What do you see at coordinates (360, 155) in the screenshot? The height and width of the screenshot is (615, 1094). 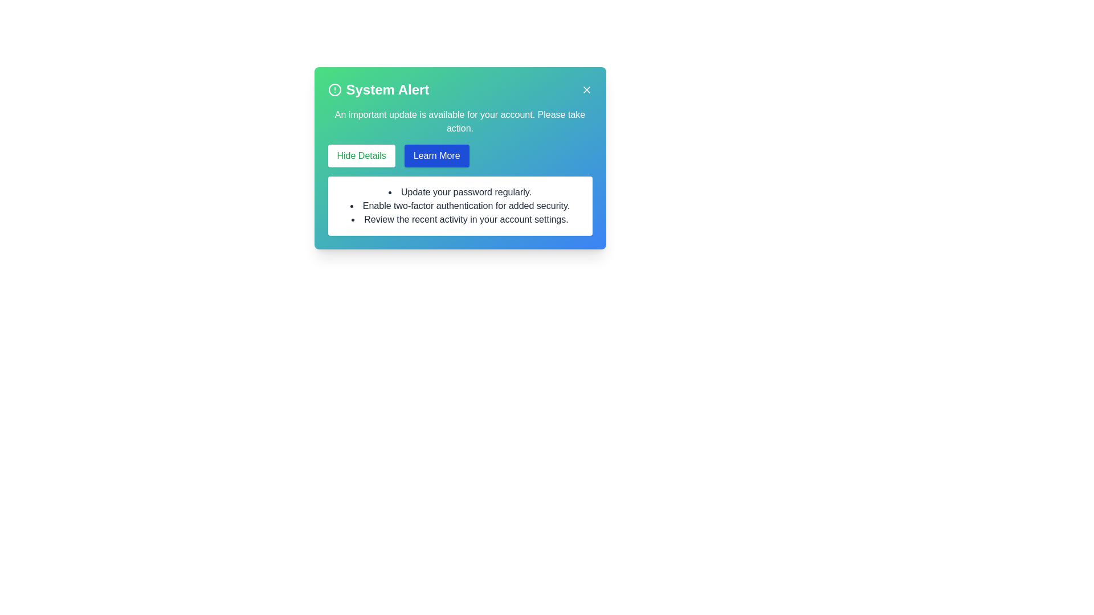 I see `the button located to the left of the blue 'Learn More' button beneath the 'System Alert' content block to hide the visible details displayed below` at bounding box center [360, 155].